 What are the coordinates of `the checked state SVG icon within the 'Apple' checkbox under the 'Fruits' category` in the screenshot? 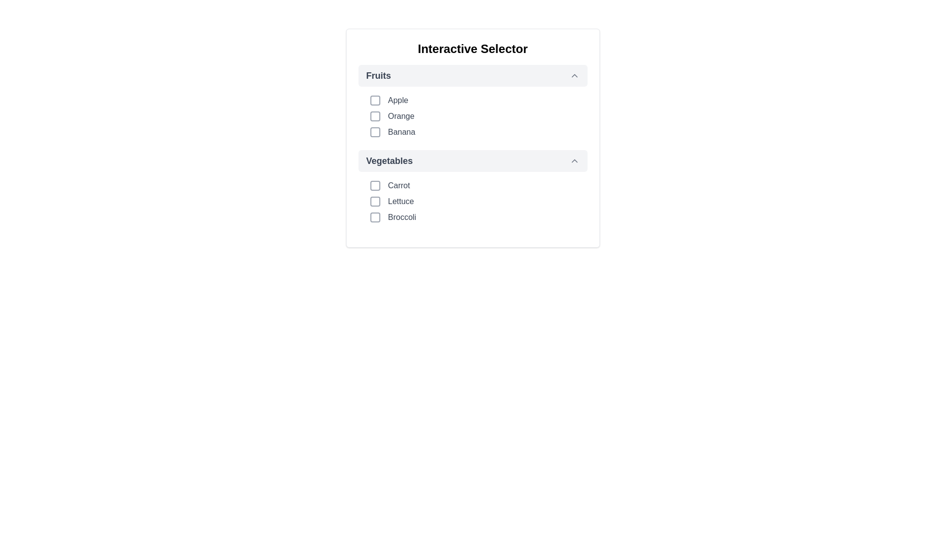 It's located at (374, 101).